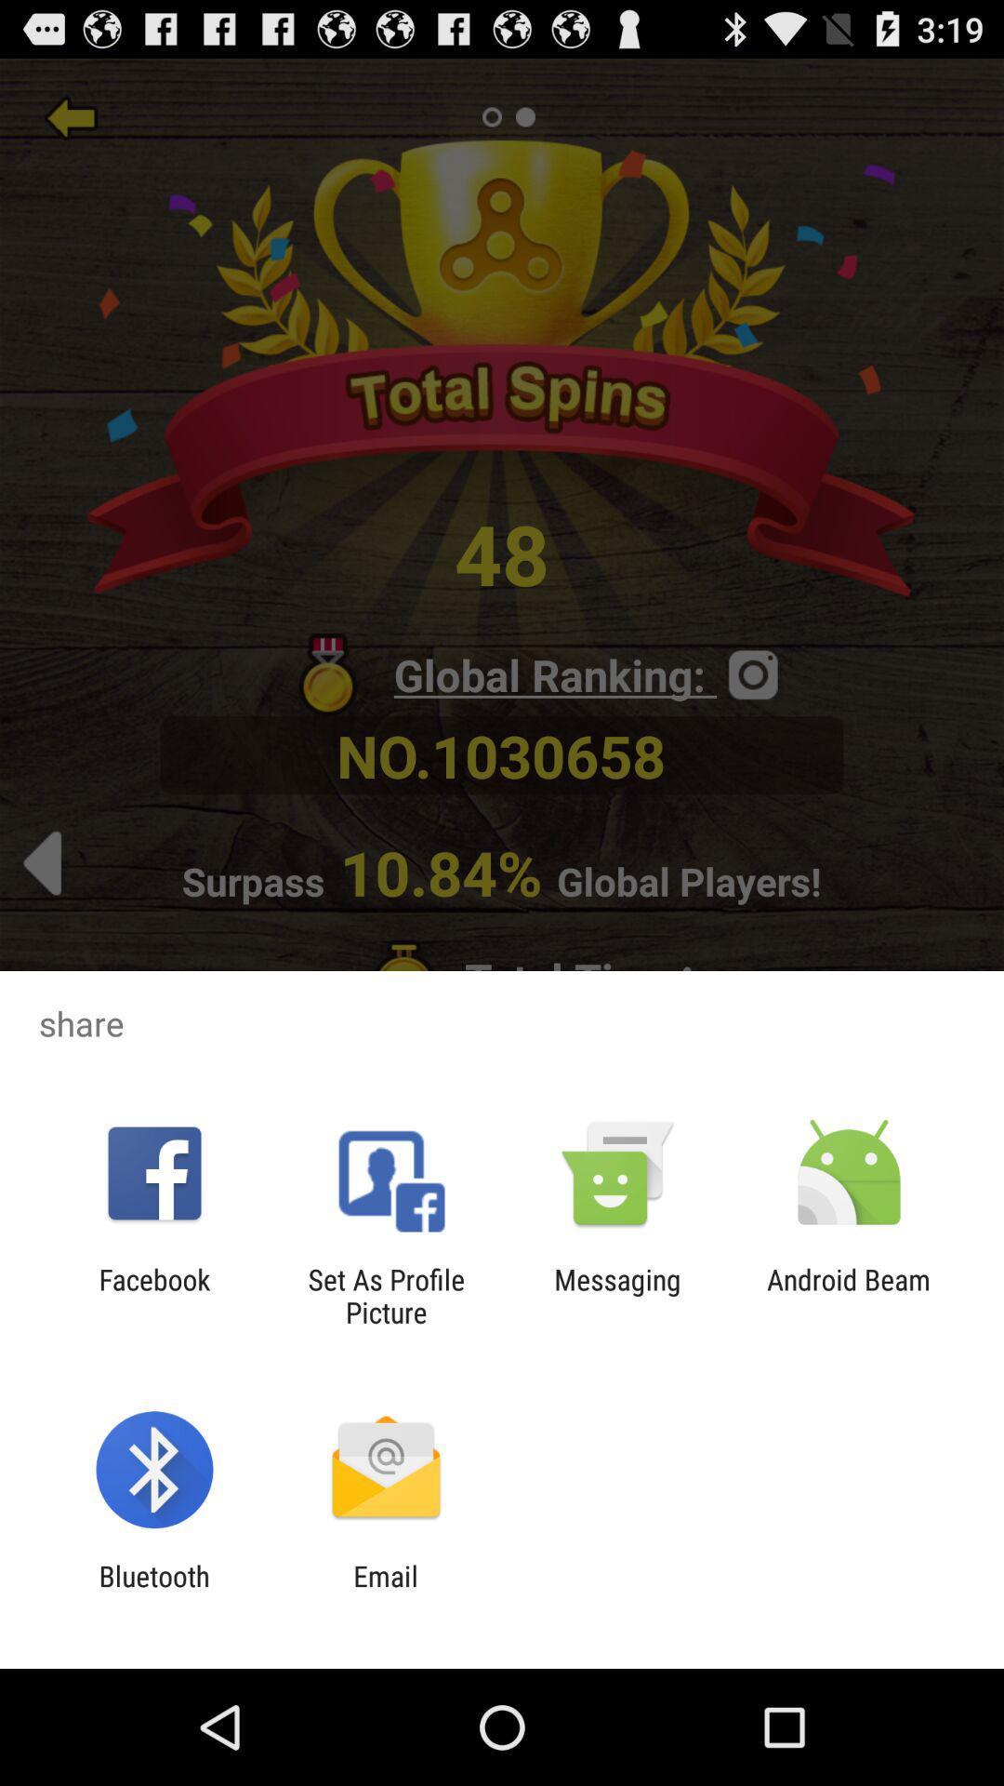 This screenshot has height=1786, width=1004. What do you see at coordinates (617, 1295) in the screenshot?
I see `icon to the right of the set as profile item` at bounding box center [617, 1295].